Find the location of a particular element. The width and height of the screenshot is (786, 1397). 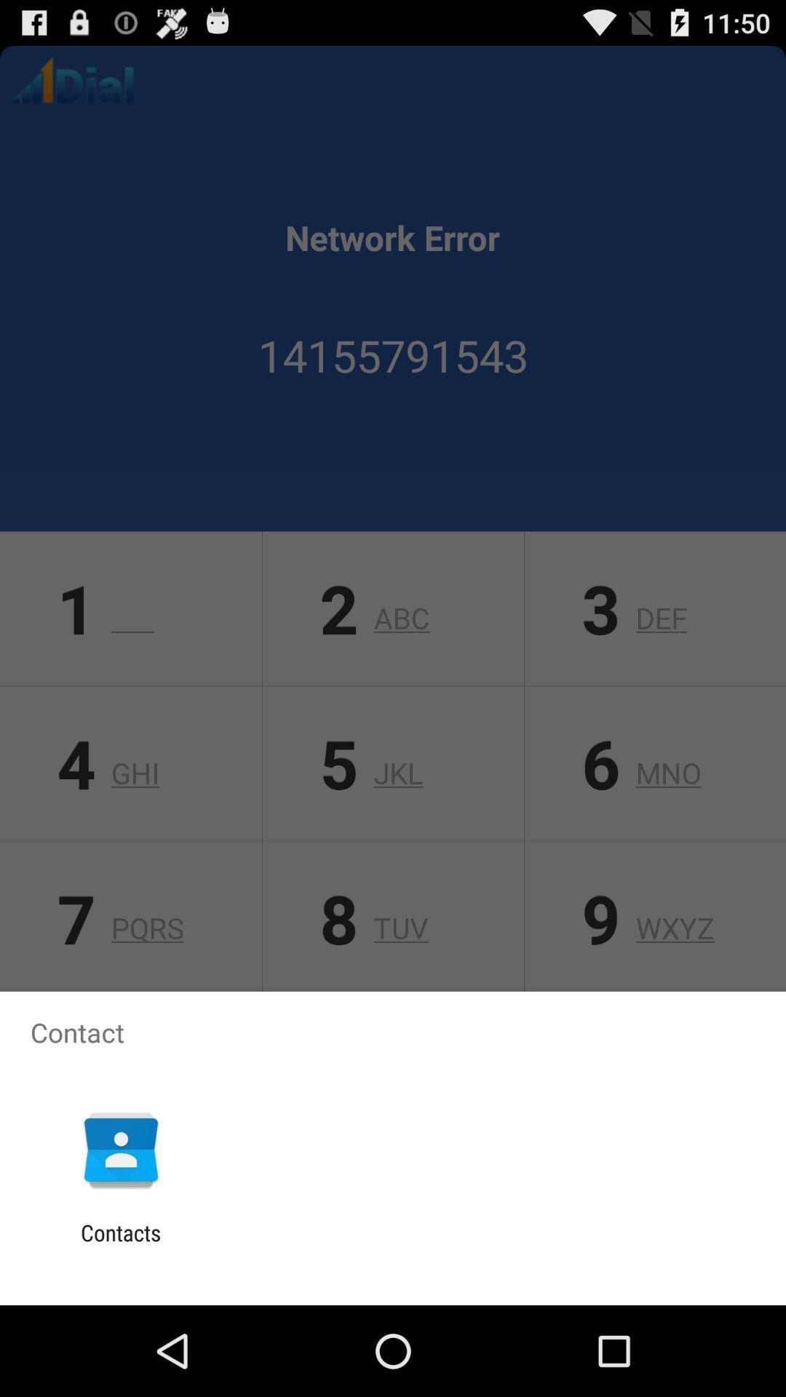

the item above contacts is located at coordinates (120, 1149).